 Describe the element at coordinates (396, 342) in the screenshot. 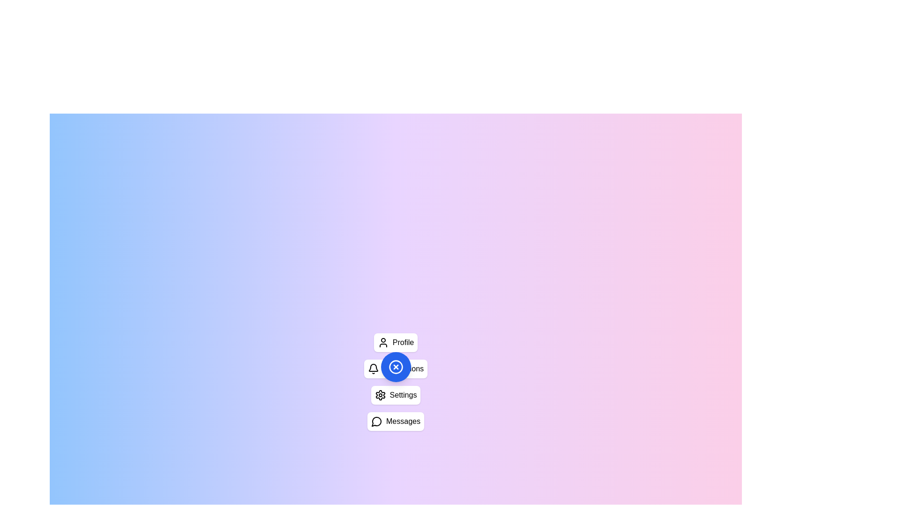

I see `the 'Profile' button in the menu` at that location.